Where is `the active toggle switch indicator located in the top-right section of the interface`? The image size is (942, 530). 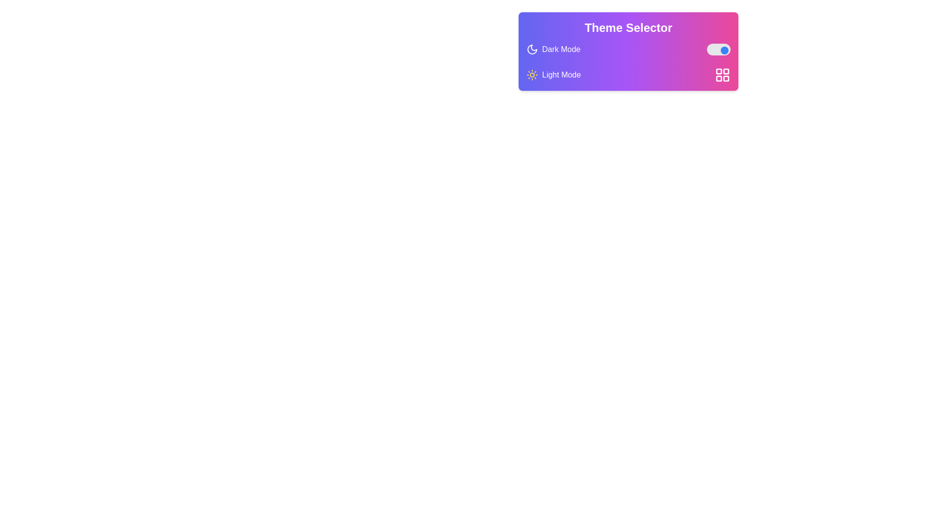
the active toggle switch indicator located in the top-right section of the interface is located at coordinates (725, 51).